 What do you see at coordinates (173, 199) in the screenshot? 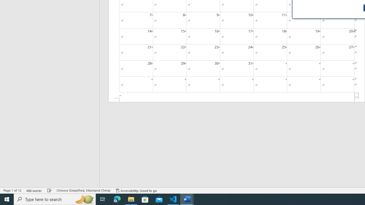
I see `'Visual Studio Code - 1 running window'` at bounding box center [173, 199].